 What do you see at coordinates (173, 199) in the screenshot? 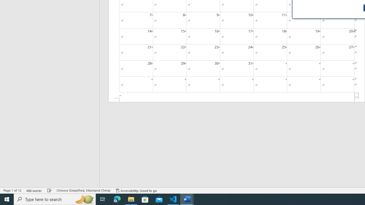
I see `'Visual Studio Code - 1 running window'` at bounding box center [173, 199].